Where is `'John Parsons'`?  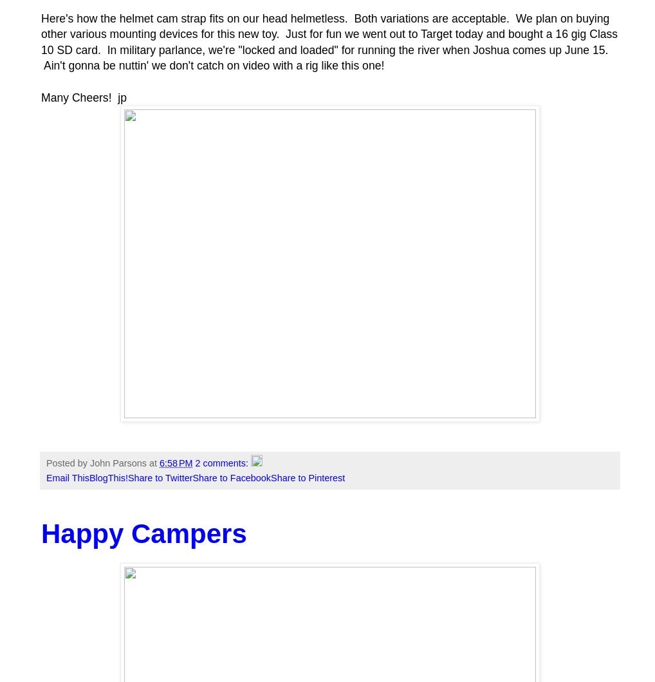
'John Parsons' is located at coordinates (118, 461).